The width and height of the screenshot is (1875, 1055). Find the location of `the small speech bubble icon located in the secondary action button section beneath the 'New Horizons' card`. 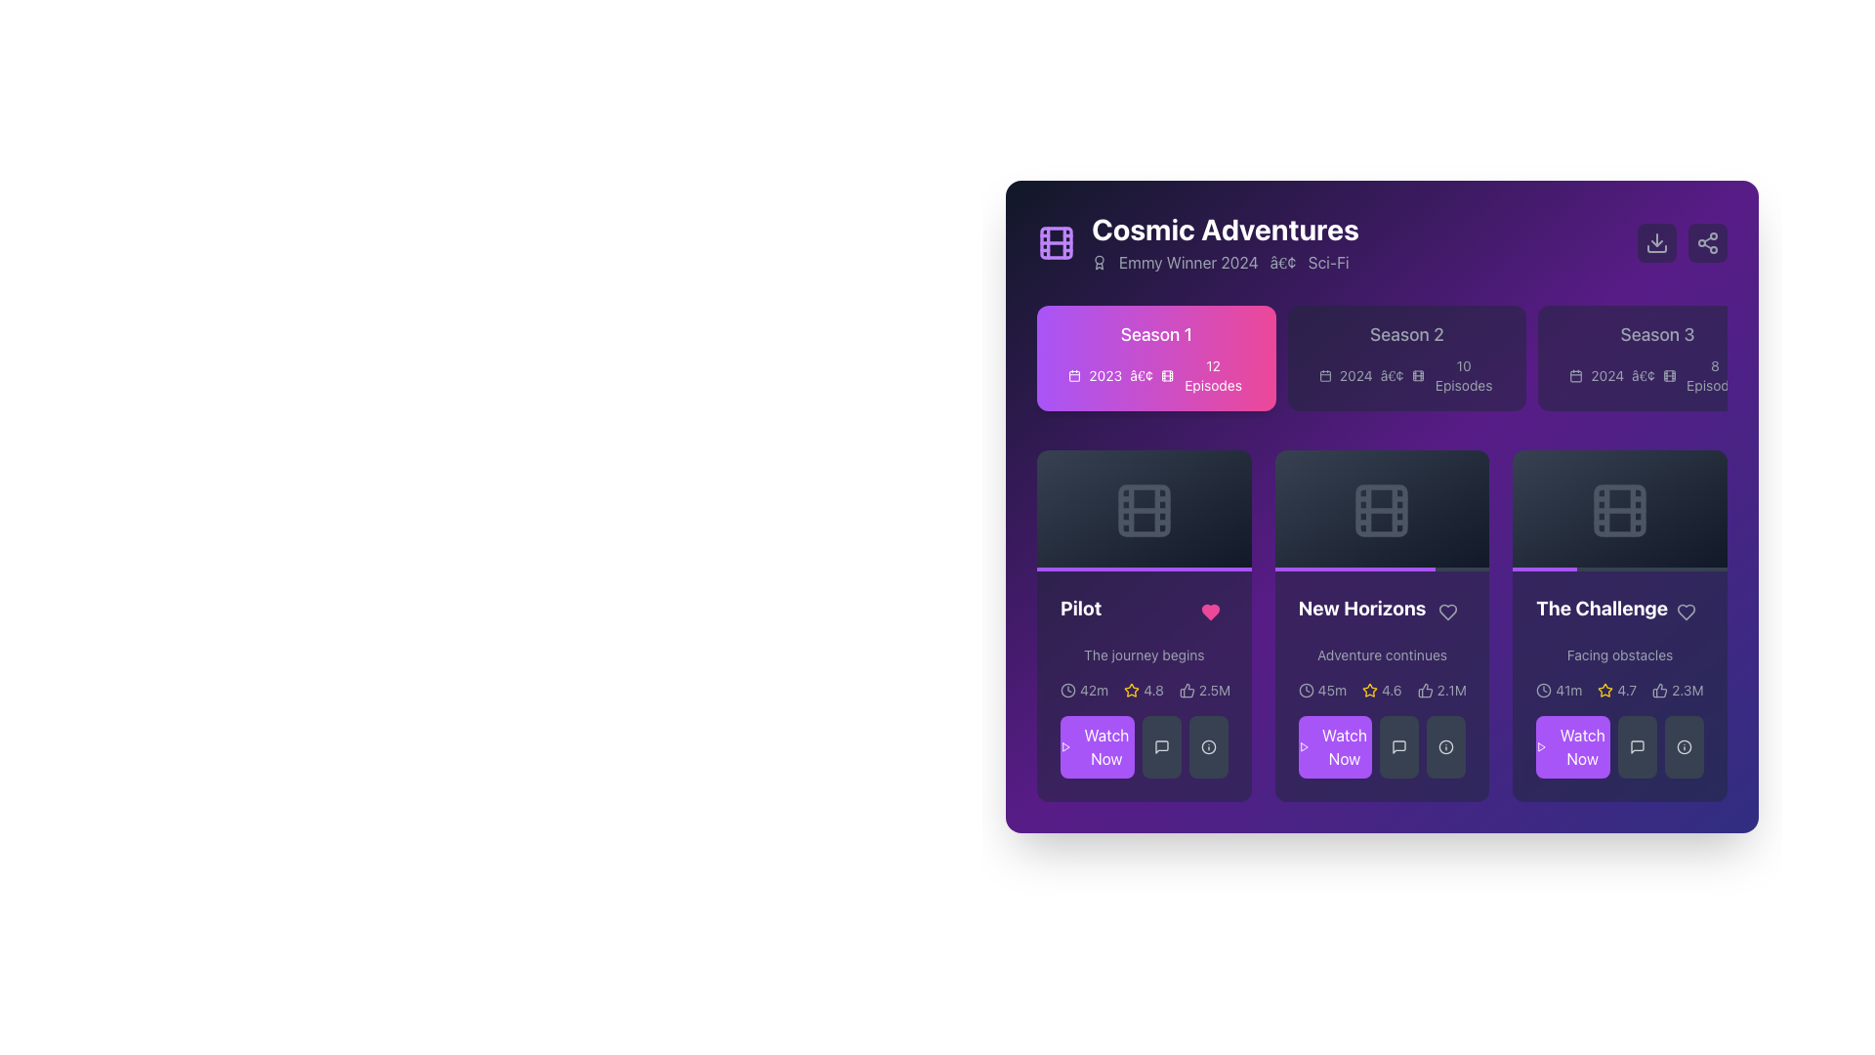

the small speech bubble icon located in the secondary action button section beneath the 'New Horizons' card is located at coordinates (1398, 746).